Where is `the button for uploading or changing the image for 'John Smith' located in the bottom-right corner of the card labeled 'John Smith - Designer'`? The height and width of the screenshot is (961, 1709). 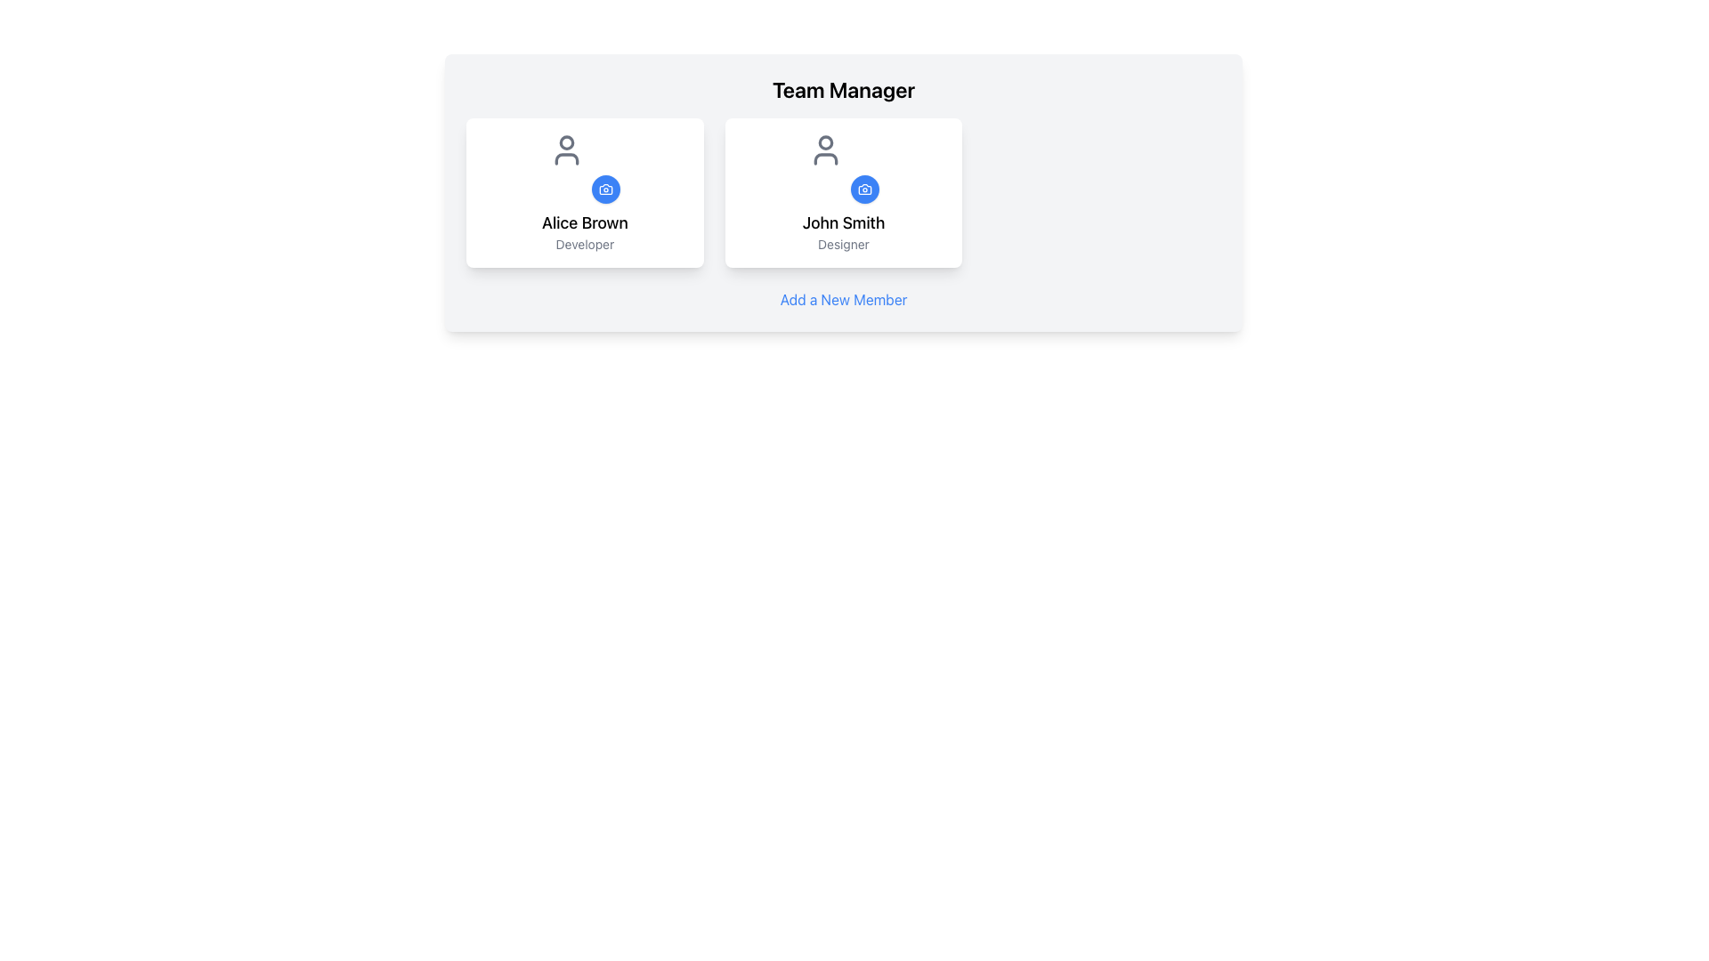 the button for uploading or changing the image for 'John Smith' located in the bottom-right corner of the card labeled 'John Smith - Designer' is located at coordinates (842, 168).